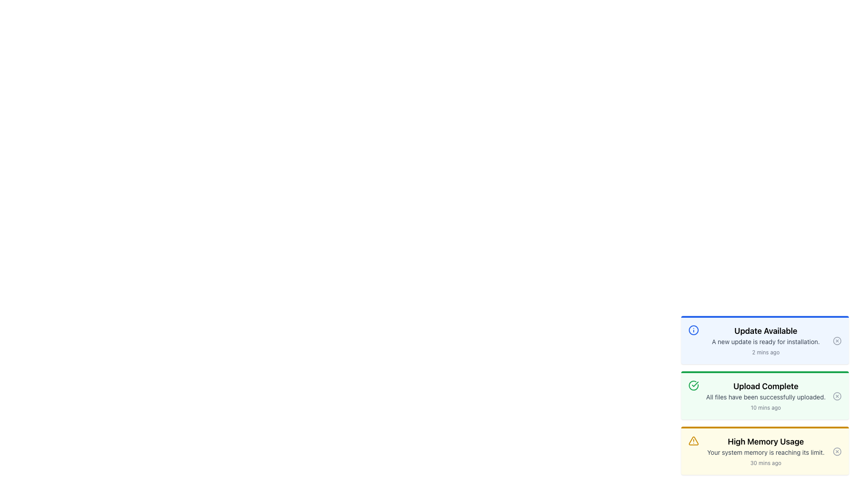  Describe the element at coordinates (836, 451) in the screenshot. I see `the circular light gray button with an 'X' icon on the far-right side of the 'High Memory Usage' notification` at that location.